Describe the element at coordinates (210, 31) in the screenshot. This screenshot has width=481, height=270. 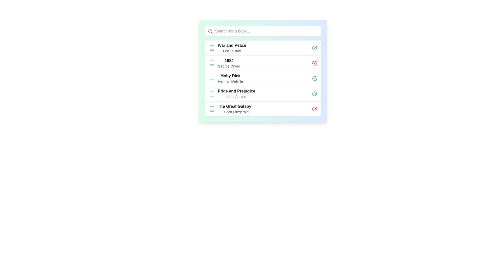
I see `the Search icon located at the top-left corner of the search bar` at that location.